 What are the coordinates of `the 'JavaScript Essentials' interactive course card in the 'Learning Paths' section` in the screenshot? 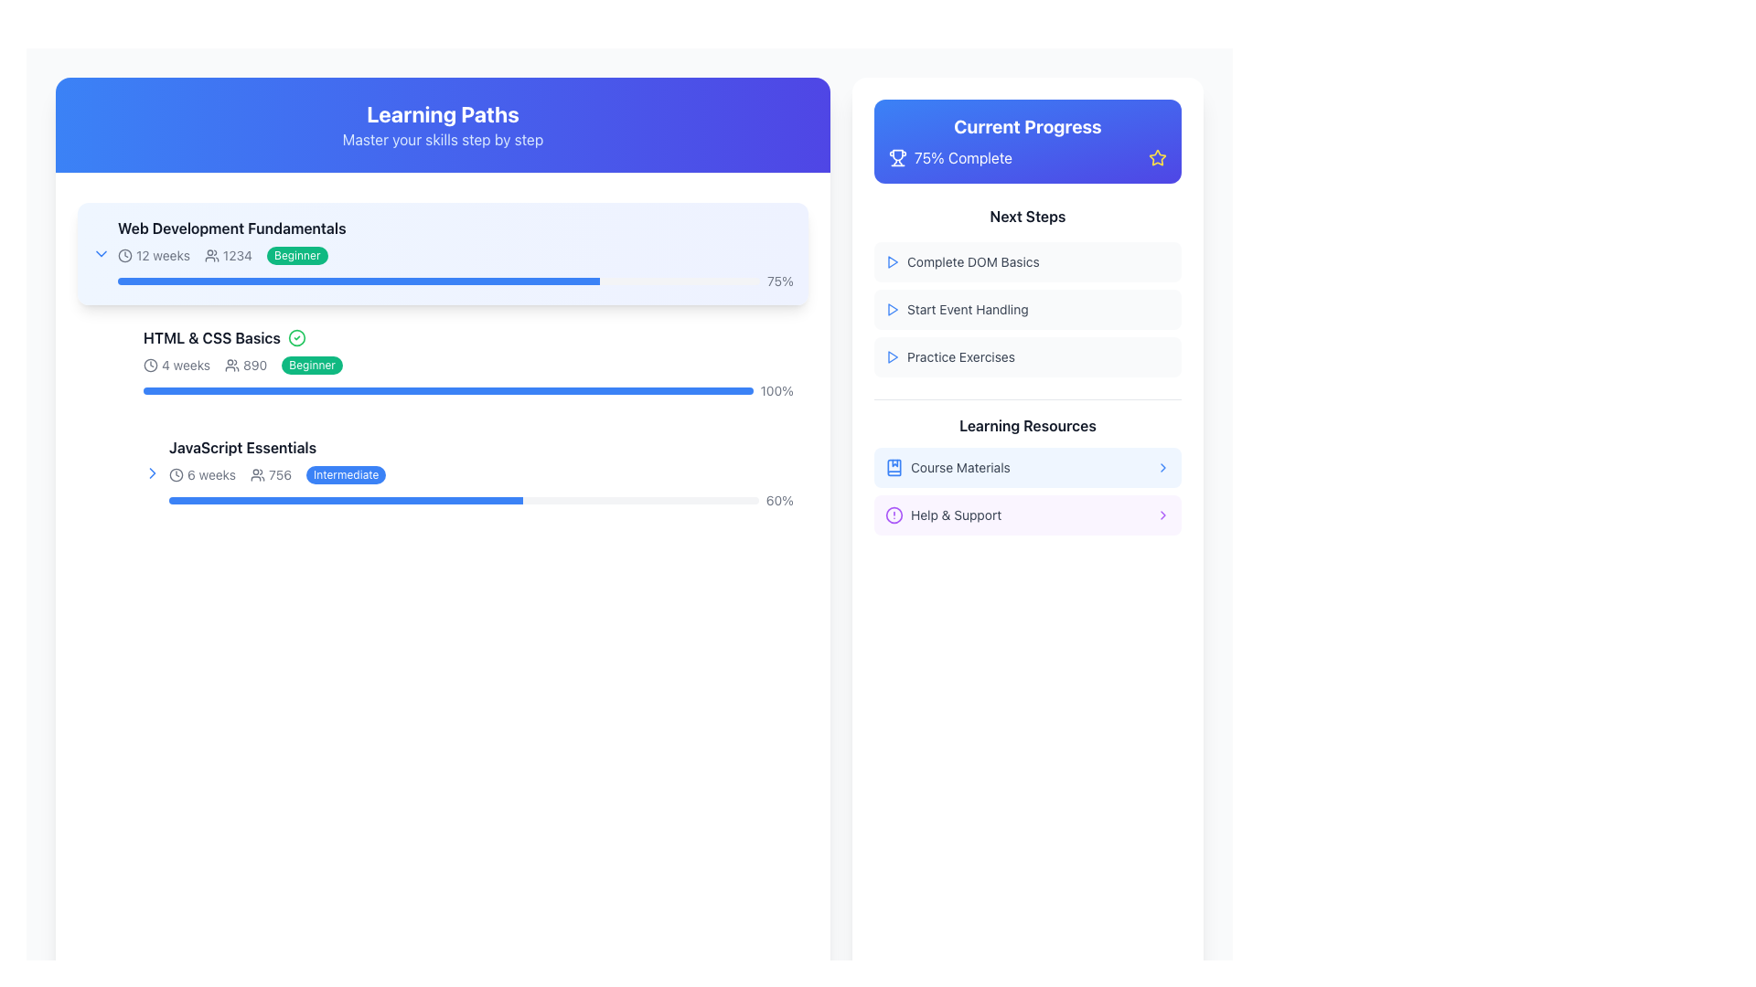 It's located at (468, 472).